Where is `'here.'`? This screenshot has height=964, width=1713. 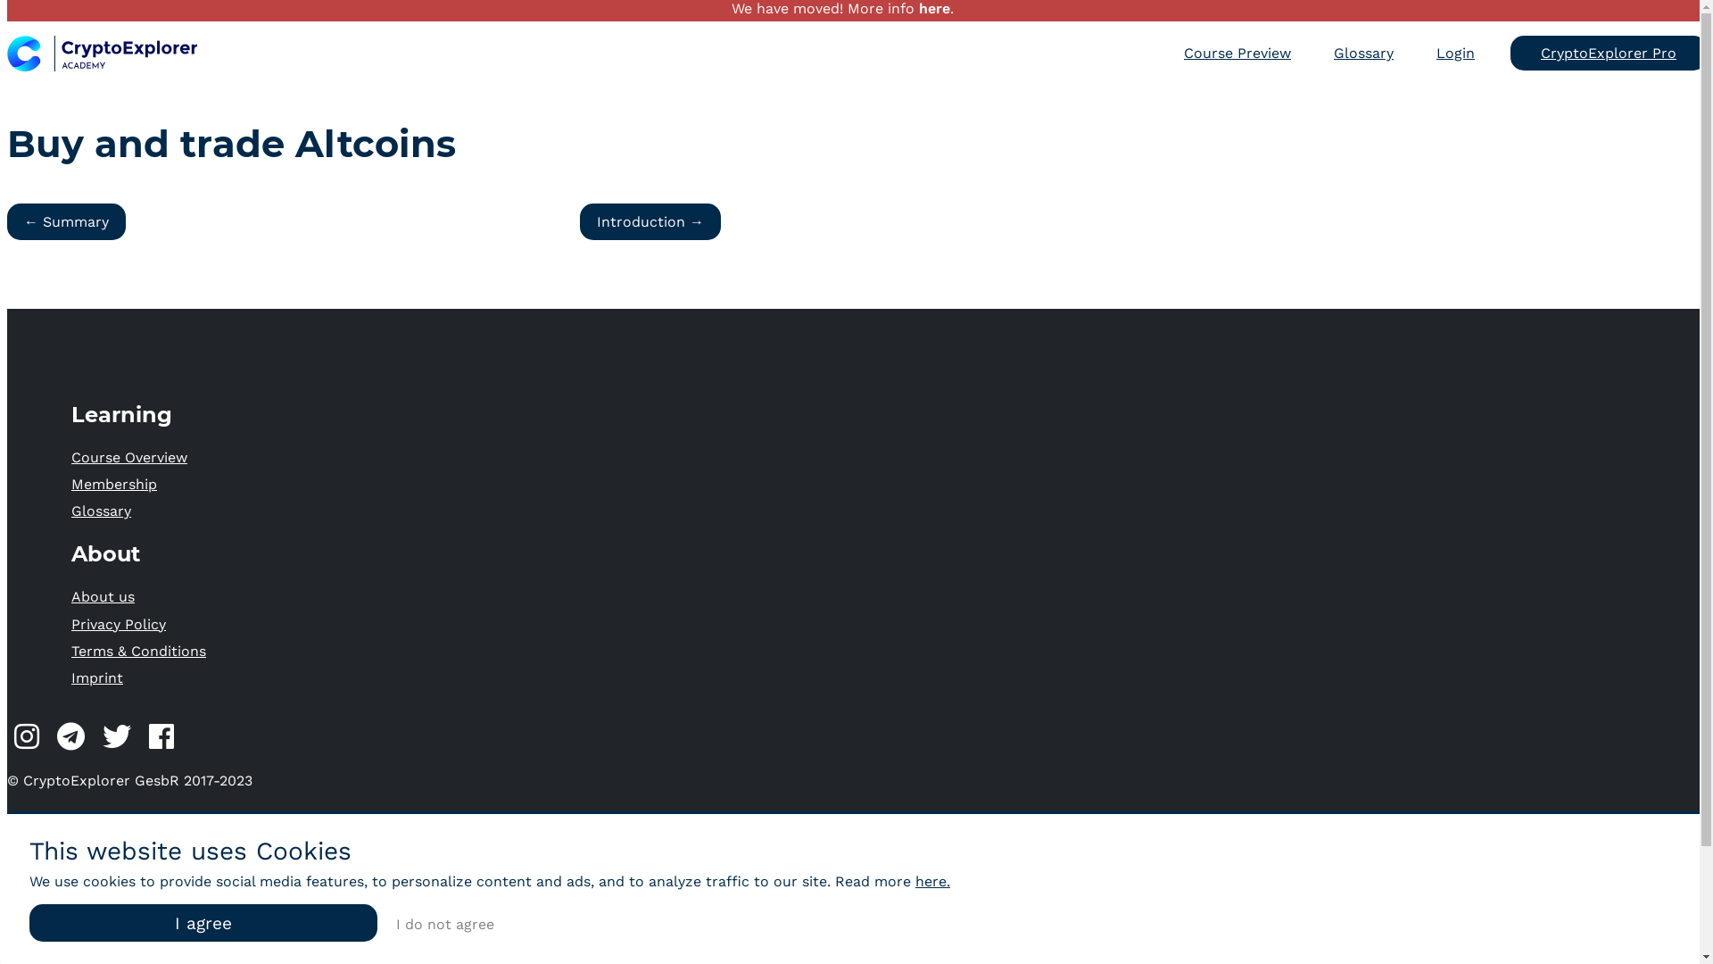
'here.' is located at coordinates (931, 880).